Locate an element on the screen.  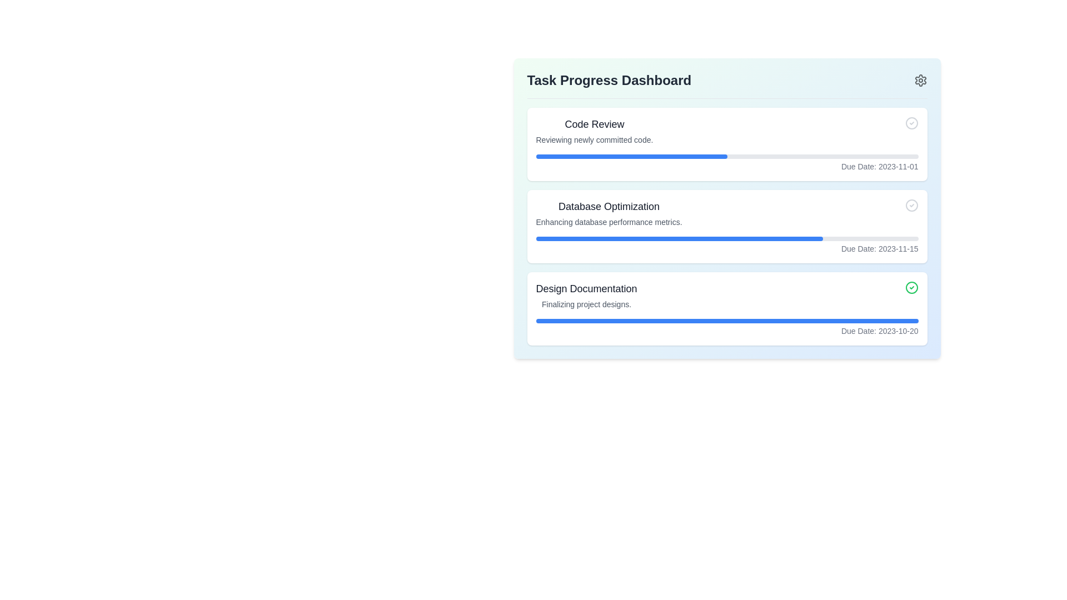
due date displayed in the text label that shows 'Due Date: 2023-10-20' aligned to the right within the card titled 'Design Documentation' is located at coordinates (727, 327).